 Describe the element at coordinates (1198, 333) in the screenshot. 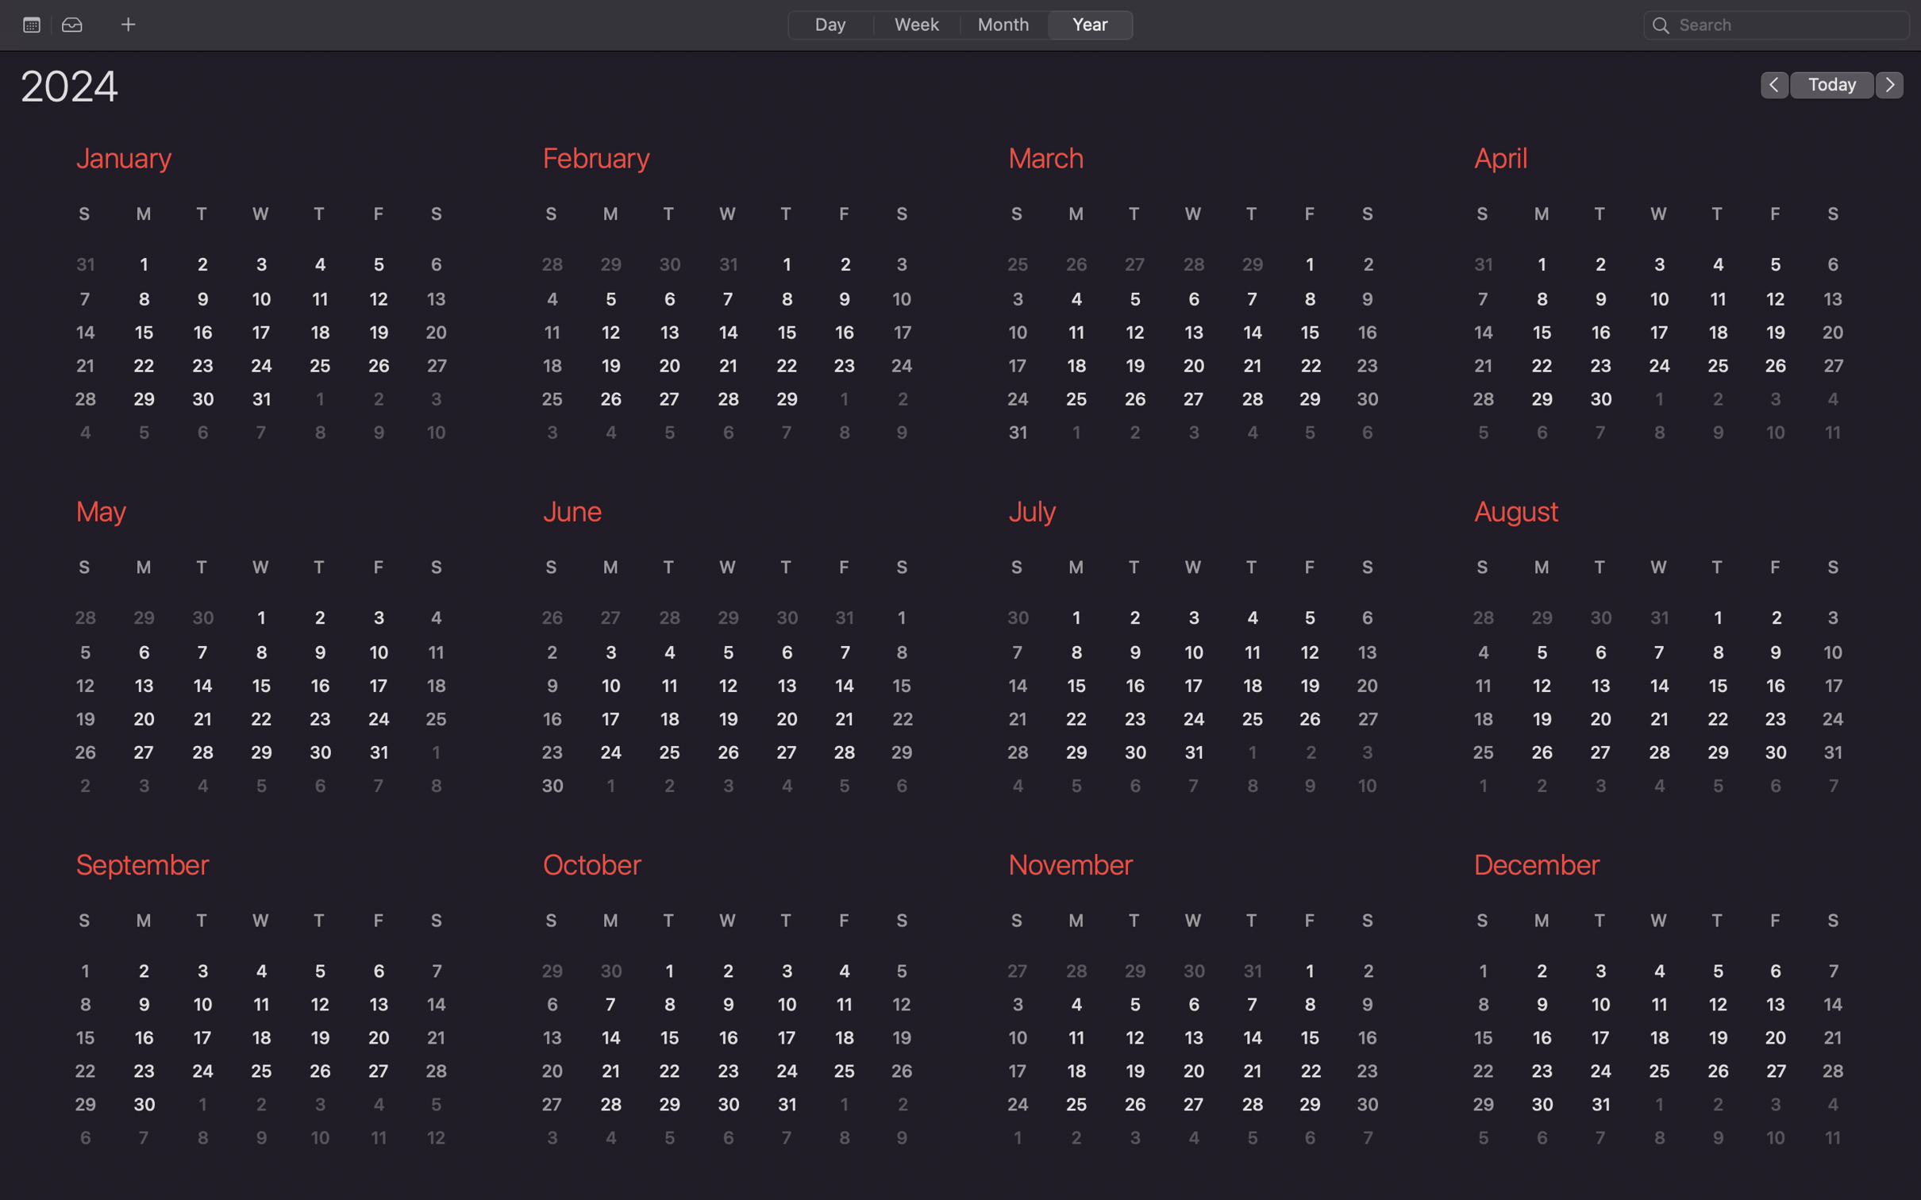

I see `Look at the schedule on 13th of March` at that location.